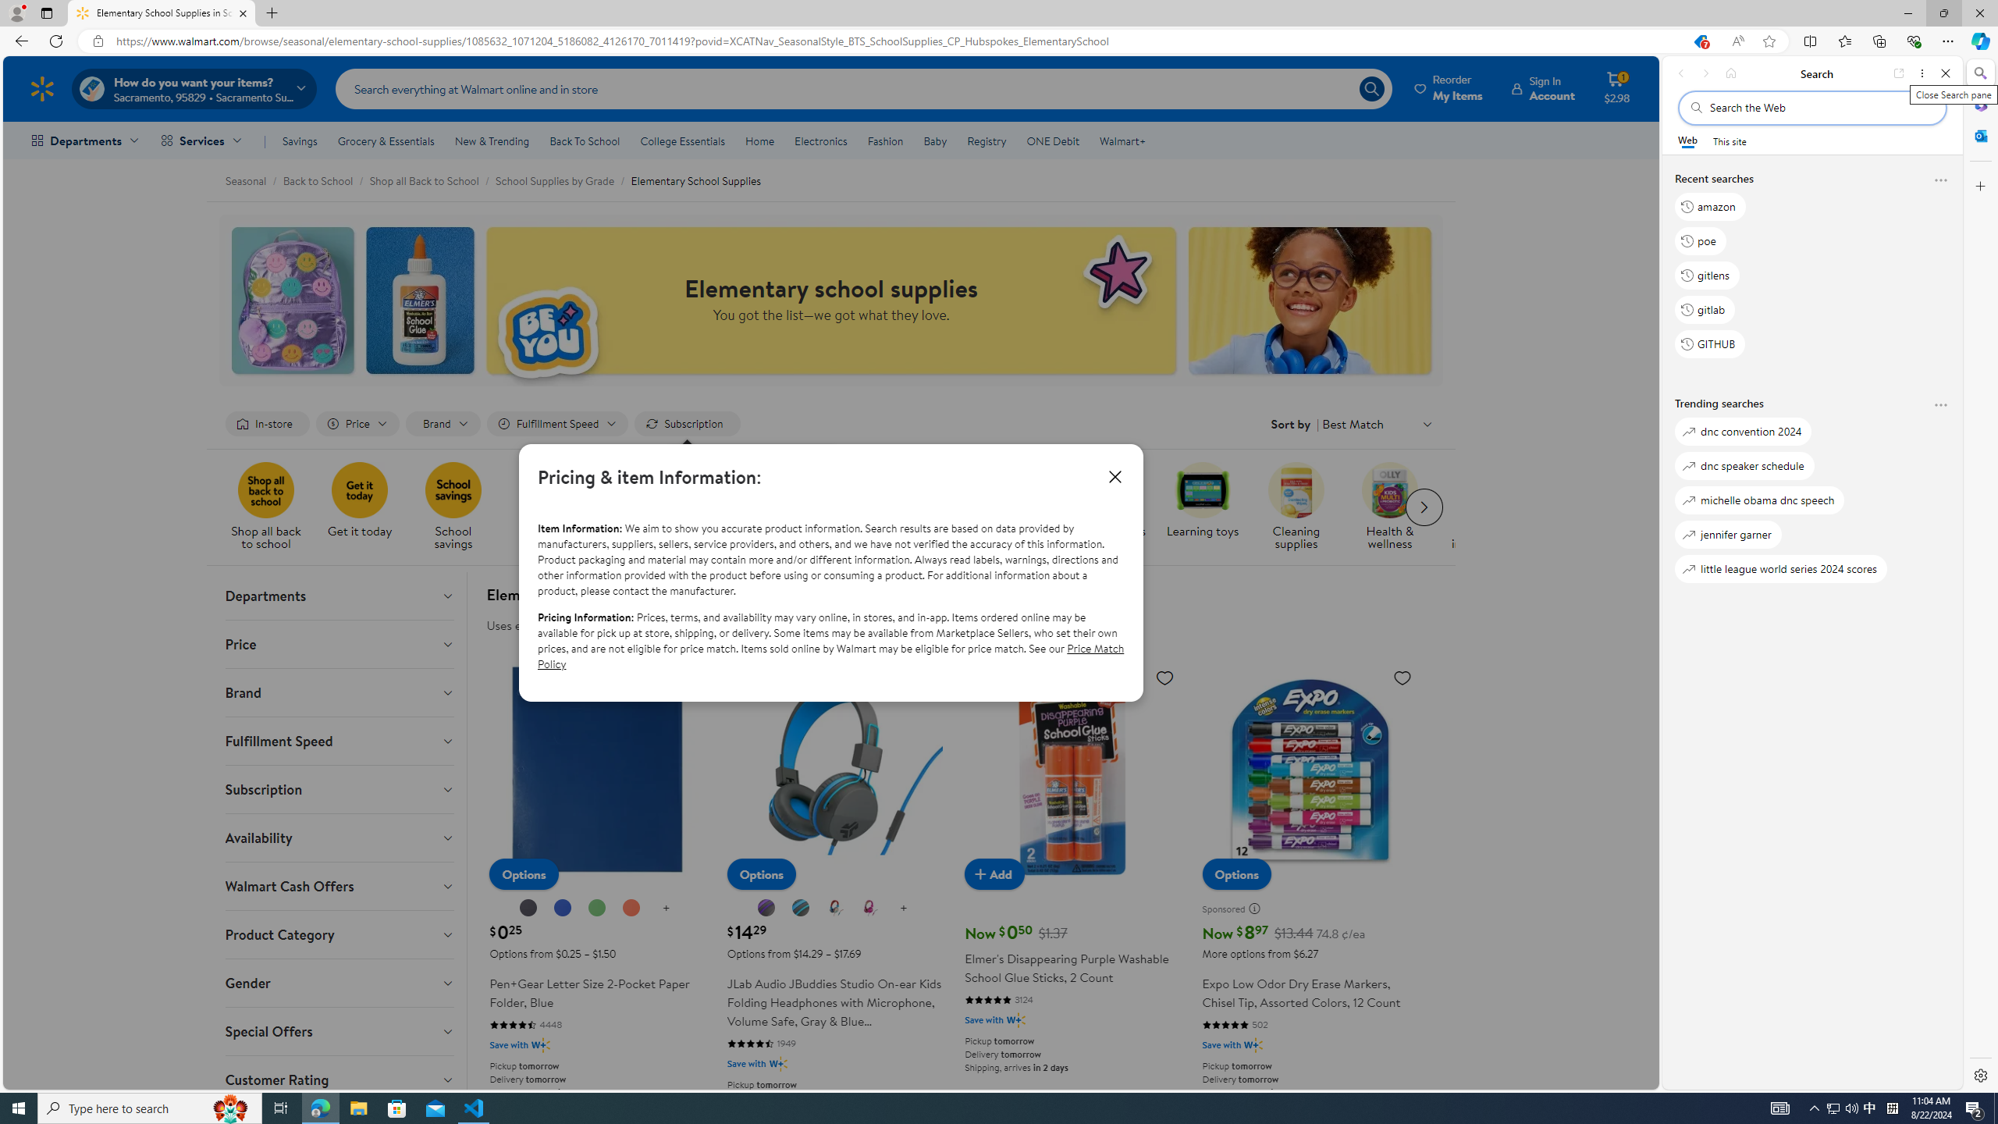 This screenshot has width=1998, height=1124. What do you see at coordinates (1743, 431) in the screenshot?
I see `'dnc convention 2024'` at bounding box center [1743, 431].